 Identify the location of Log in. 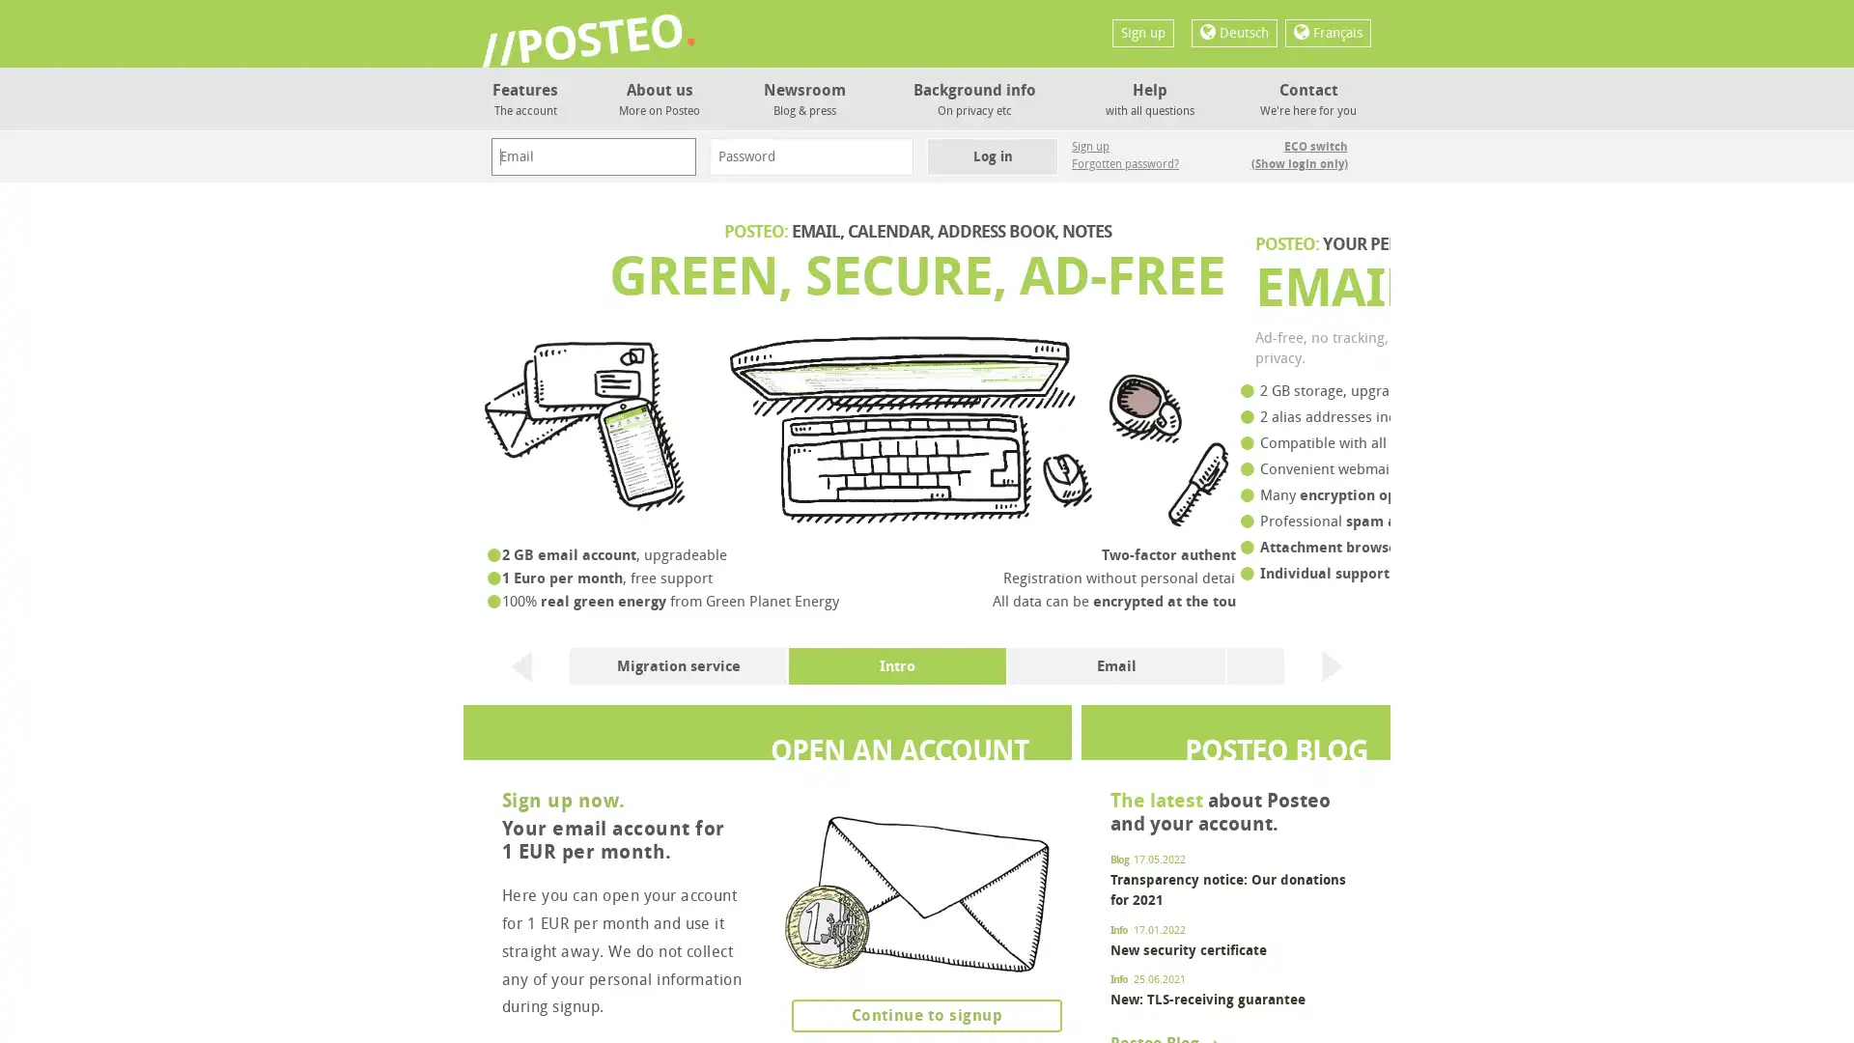
(992, 155).